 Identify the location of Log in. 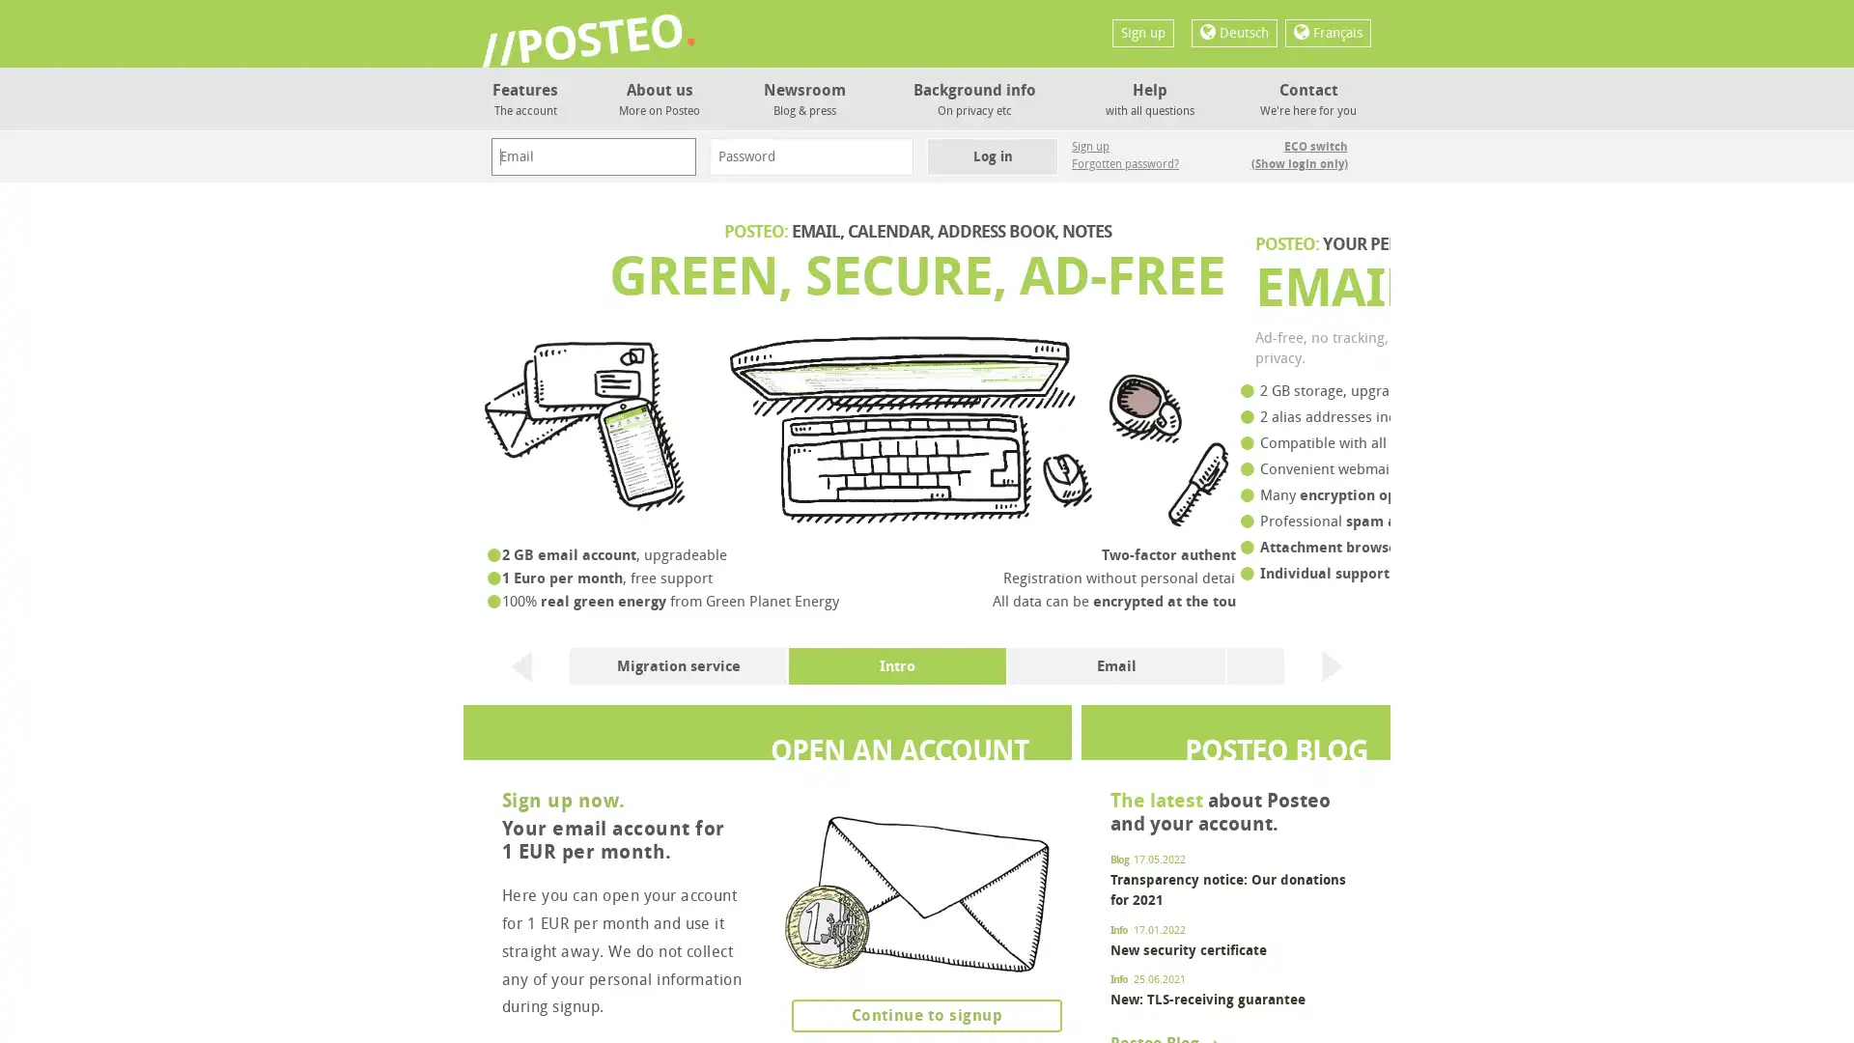
(992, 155).